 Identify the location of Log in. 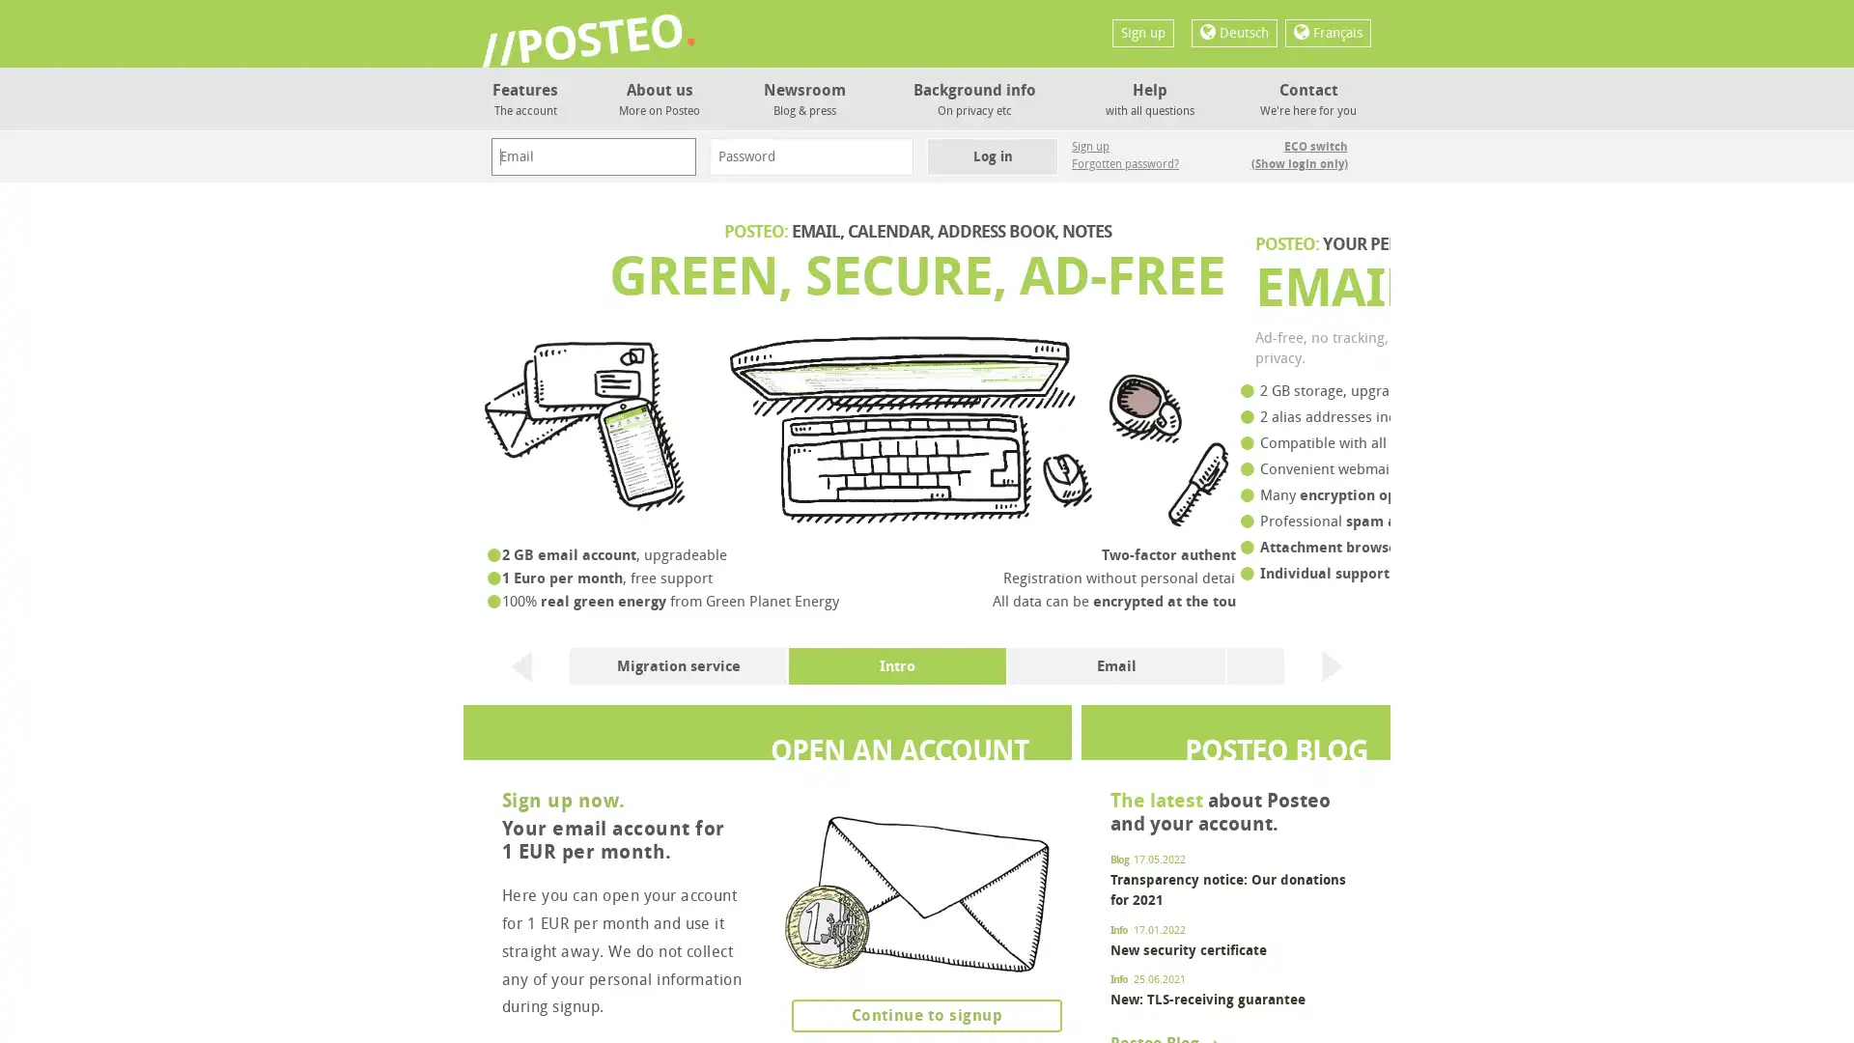
(992, 155).